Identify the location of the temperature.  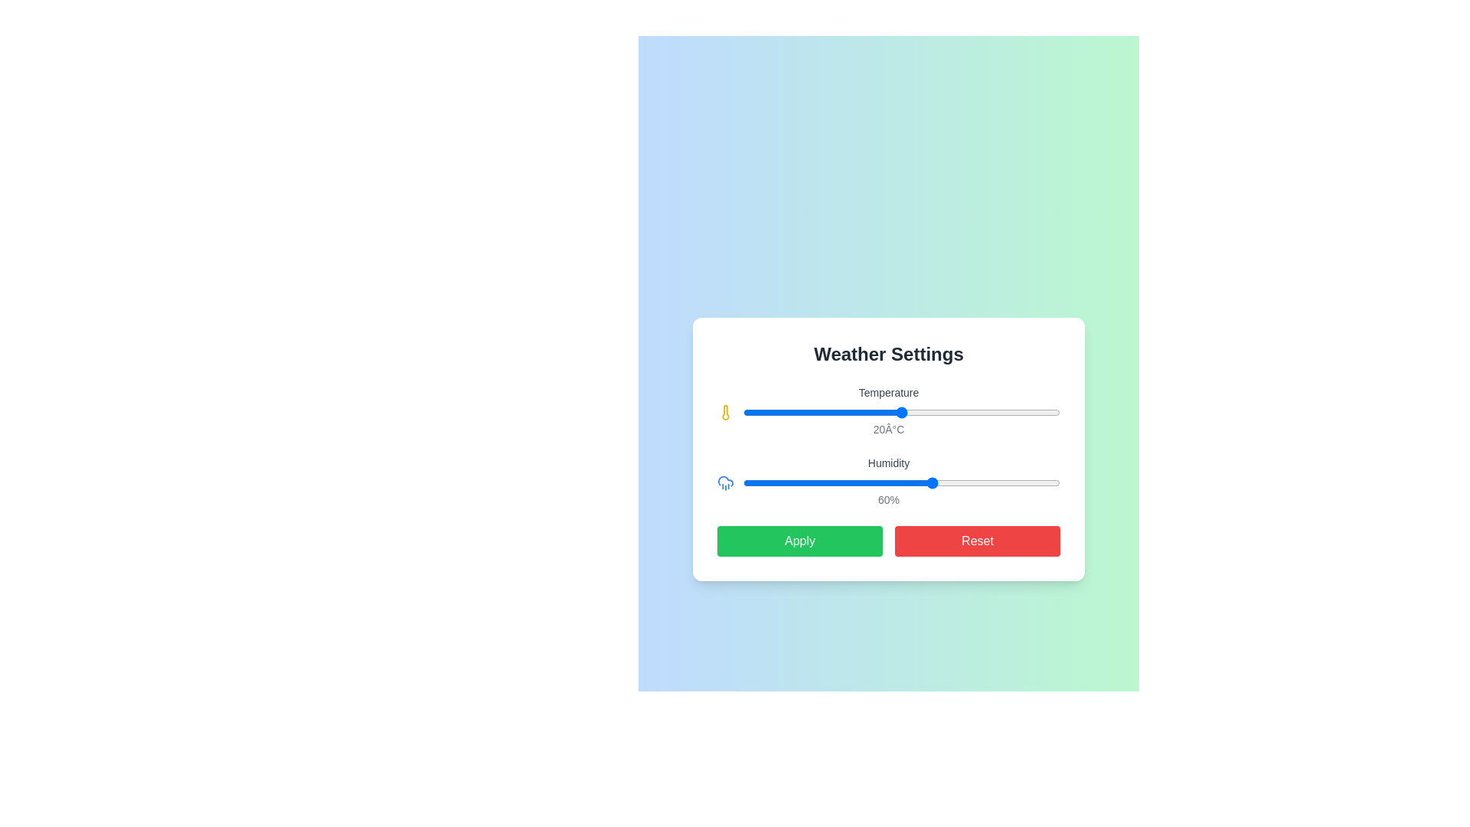
(886, 412).